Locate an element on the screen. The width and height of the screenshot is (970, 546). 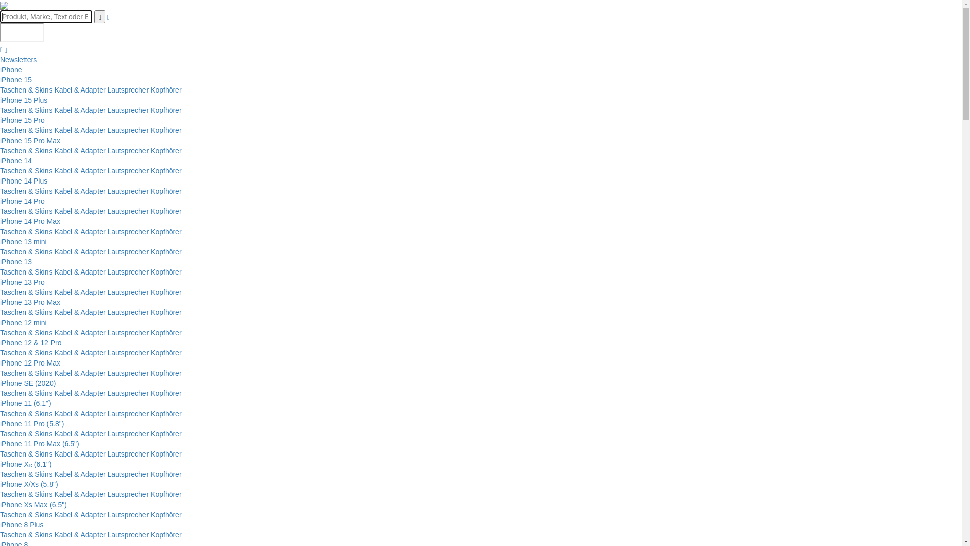
'iPhone 15 Plus' is located at coordinates (0, 100).